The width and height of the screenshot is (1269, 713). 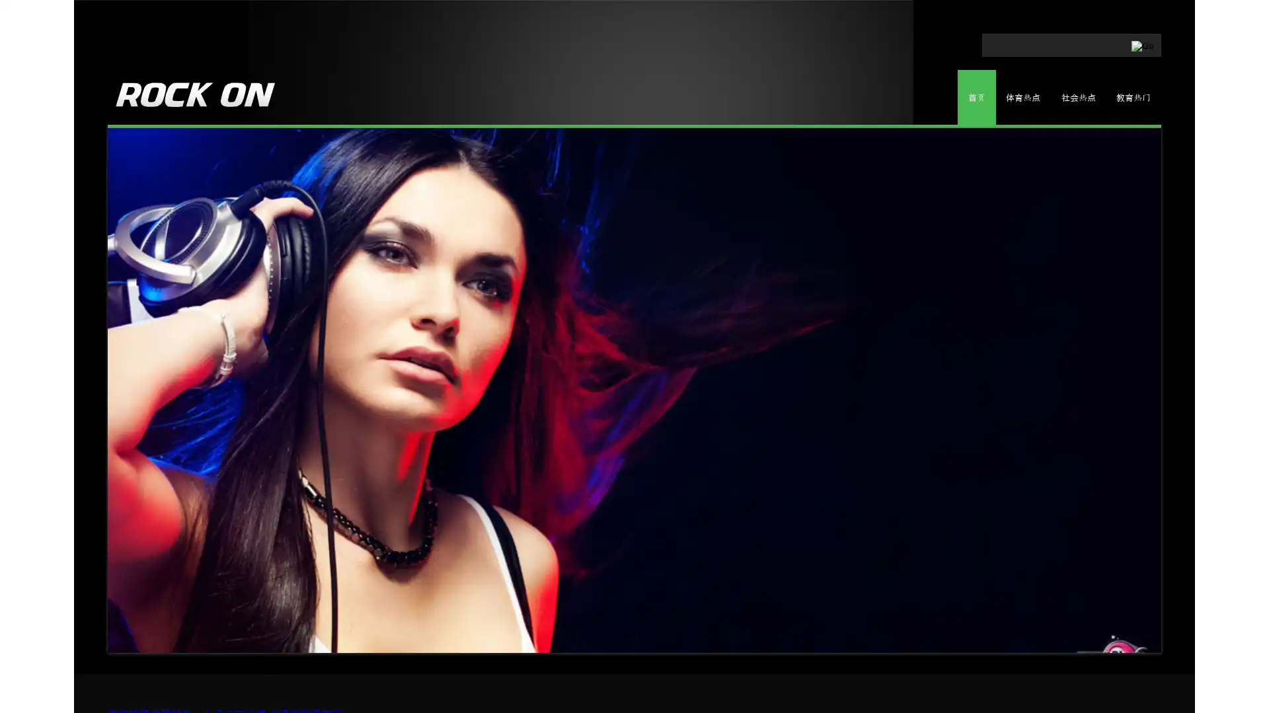 What do you see at coordinates (1092, 42) in the screenshot?
I see `Go` at bounding box center [1092, 42].